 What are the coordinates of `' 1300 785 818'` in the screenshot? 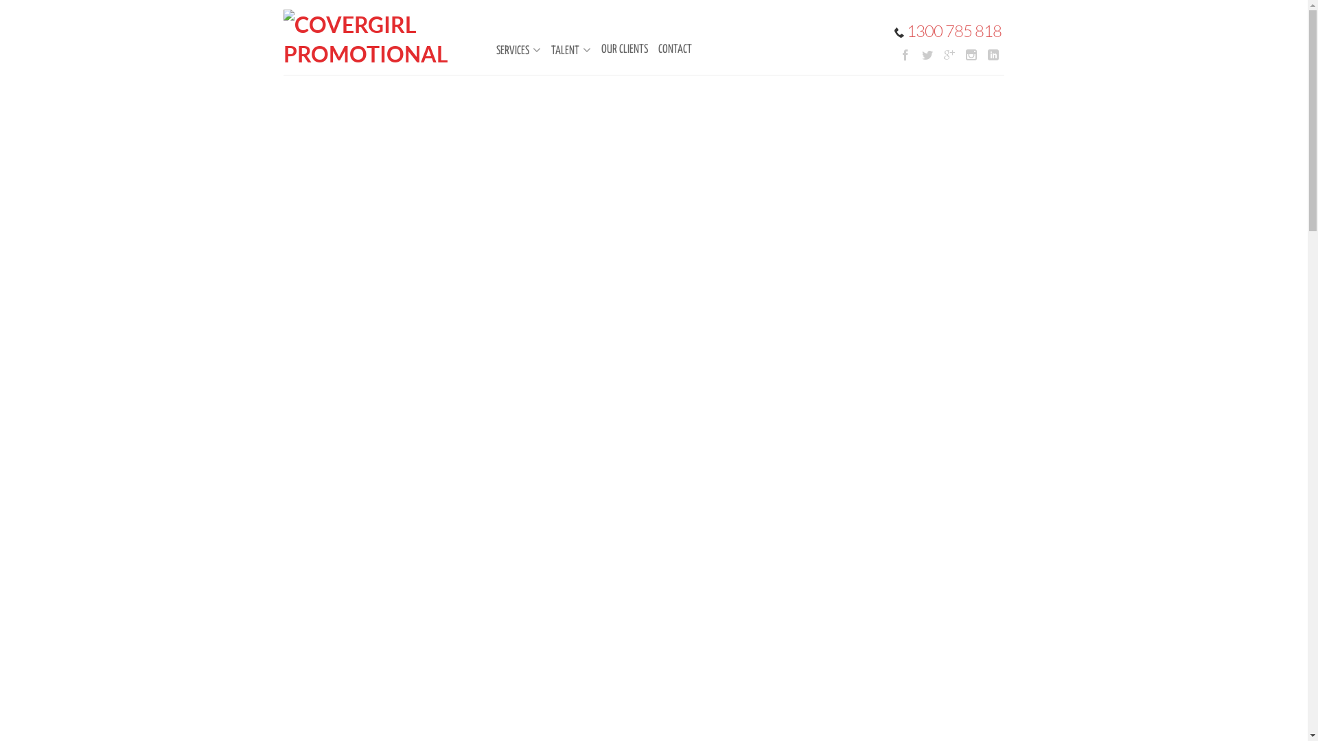 It's located at (893, 31).